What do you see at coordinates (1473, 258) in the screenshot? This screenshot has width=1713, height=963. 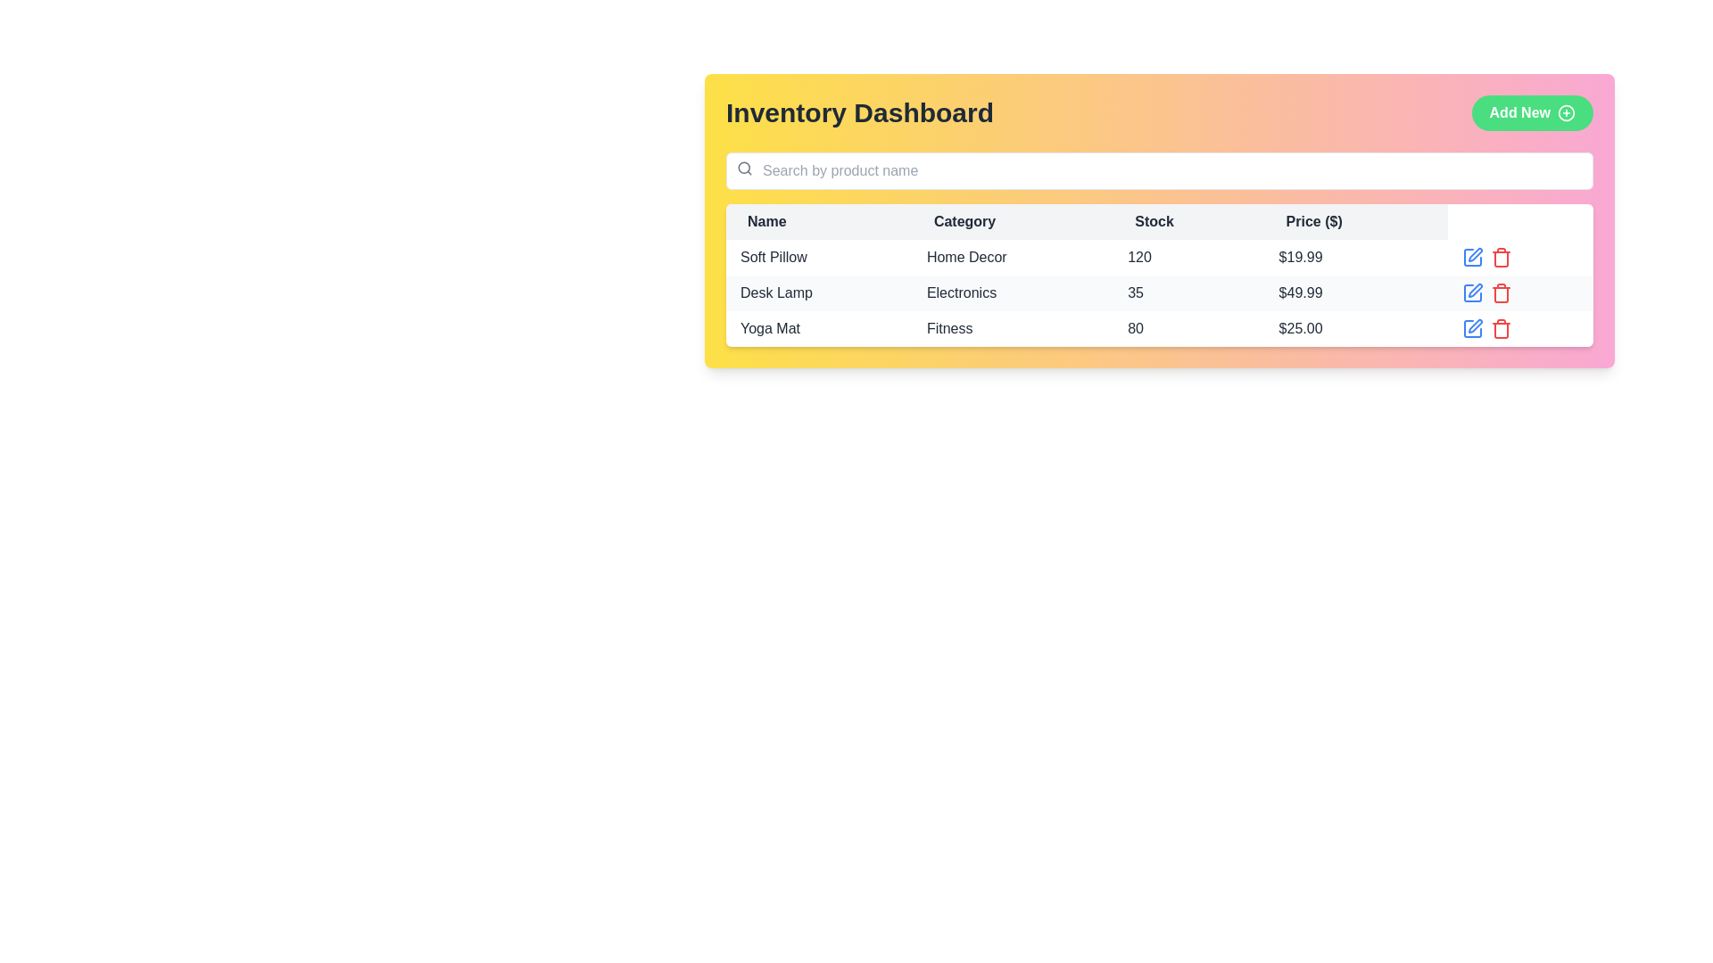 I see `the Edit Icon located in the lower-right corner of the table for the 'Desk Lamp' entry to initiate editing` at bounding box center [1473, 258].